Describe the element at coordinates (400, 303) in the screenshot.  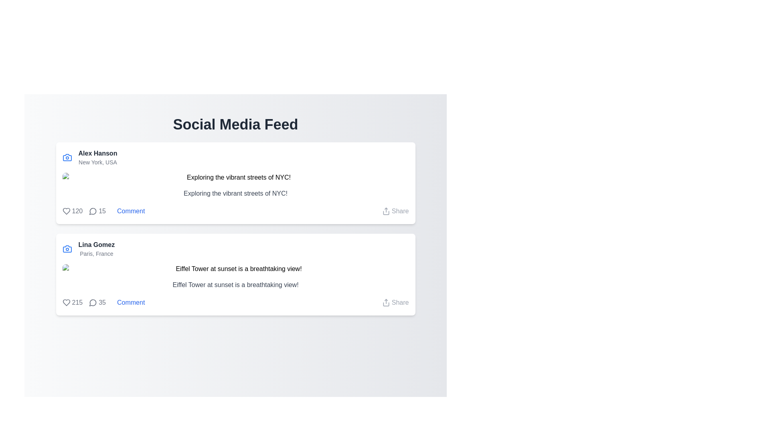
I see `the 'Share' text label, which is styled in light gray sans-serif font and positioned to the right of a small share icon in the lower right corner of a social media post card` at that location.